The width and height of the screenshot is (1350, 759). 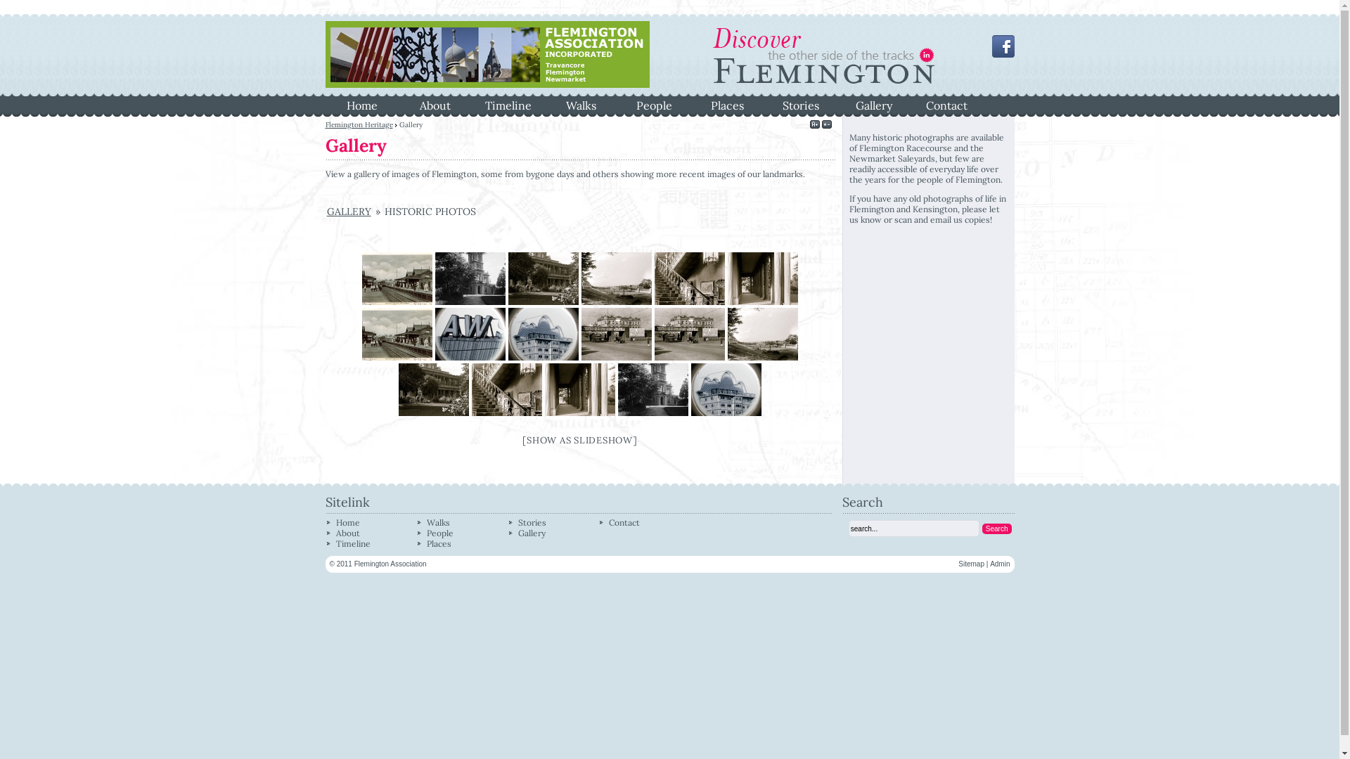 What do you see at coordinates (472, 389) in the screenshot?
I see `'HW15.3'` at bounding box center [472, 389].